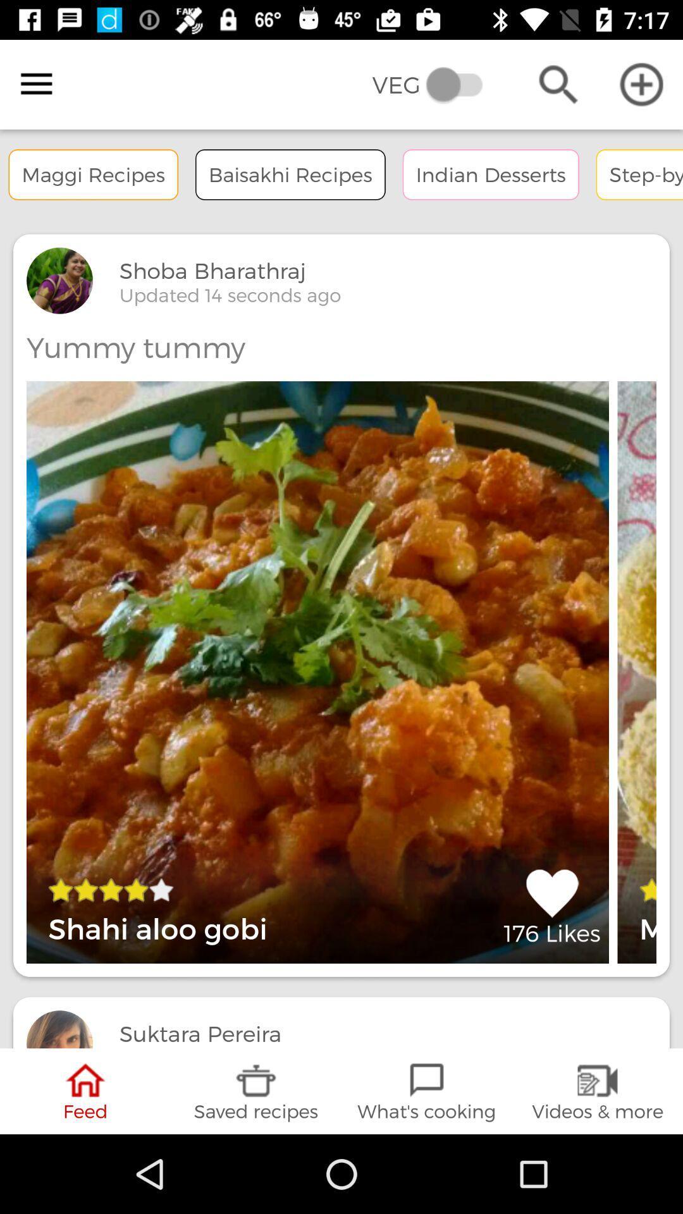 Image resolution: width=683 pixels, height=1214 pixels. Describe the element at coordinates (256, 1091) in the screenshot. I see `saved recipes icon` at that location.